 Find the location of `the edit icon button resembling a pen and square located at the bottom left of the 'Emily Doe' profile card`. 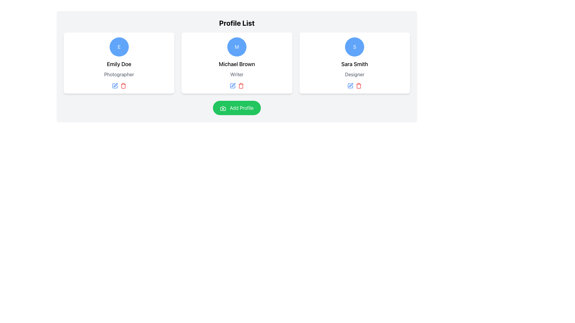

the edit icon button resembling a pen and square located at the bottom left of the 'Emily Doe' profile card is located at coordinates (116, 85).